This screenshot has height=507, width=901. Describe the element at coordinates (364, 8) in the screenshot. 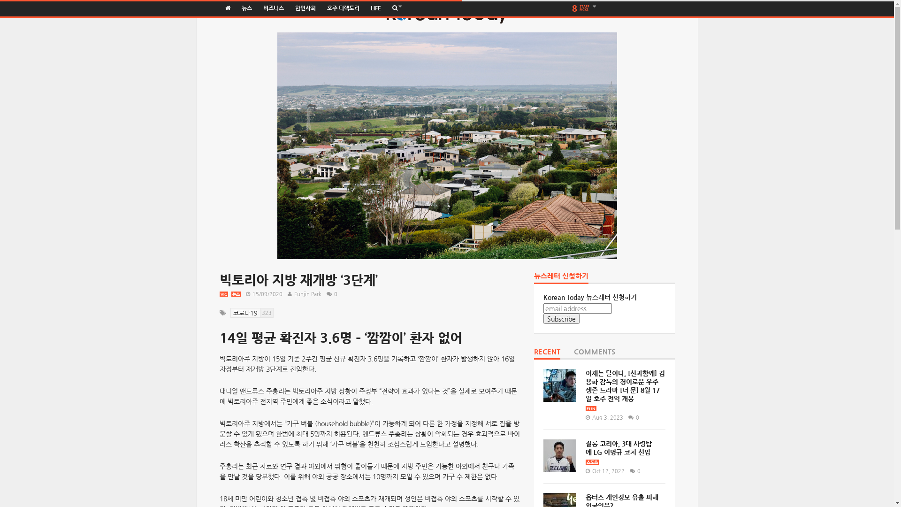

I see `'LIFE'` at that location.